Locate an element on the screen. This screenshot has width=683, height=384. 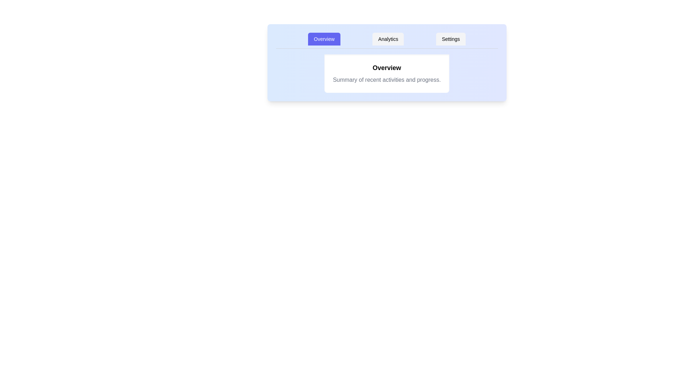
the Analytics tab is located at coordinates (388, 39).